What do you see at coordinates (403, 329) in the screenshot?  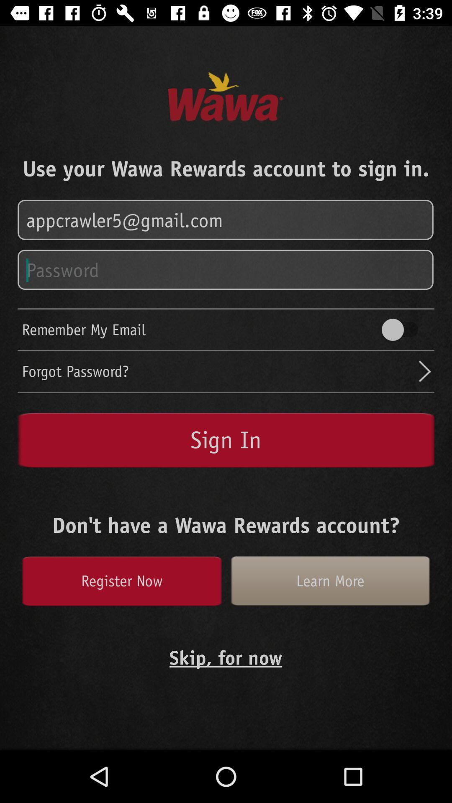 I see `the switch which is right to text remember my email` at bounding box center [403, 329].